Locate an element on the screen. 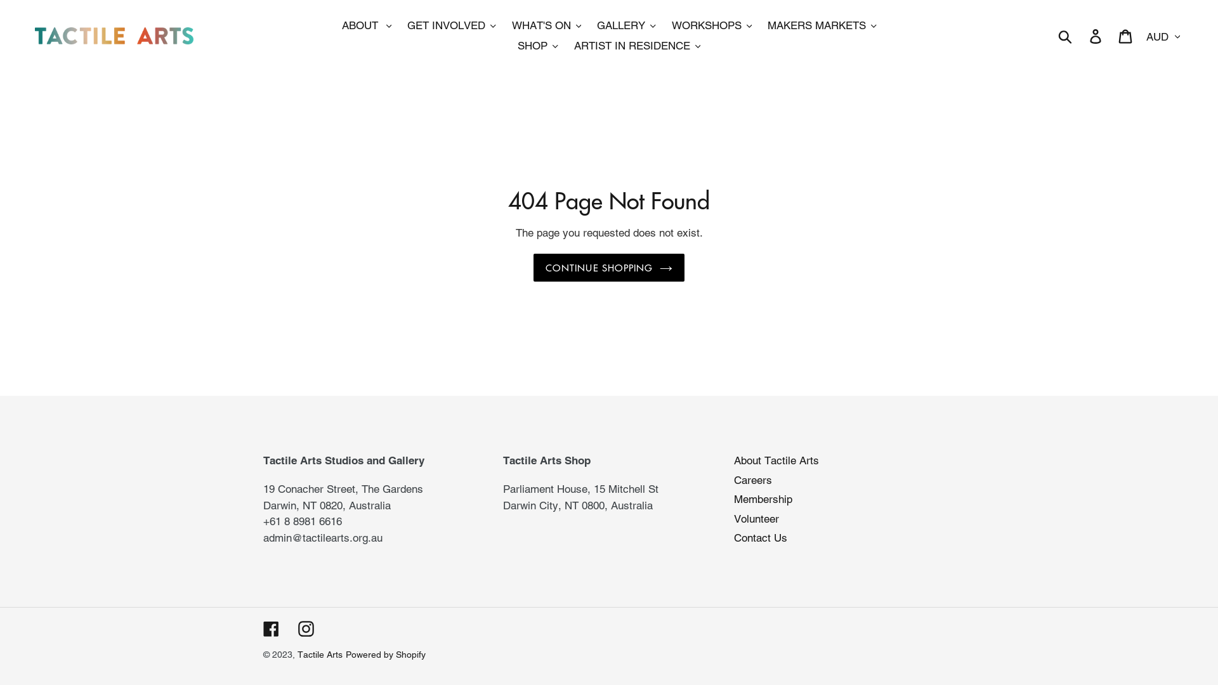  'Volunteer' is located at coordinates (756, 518).